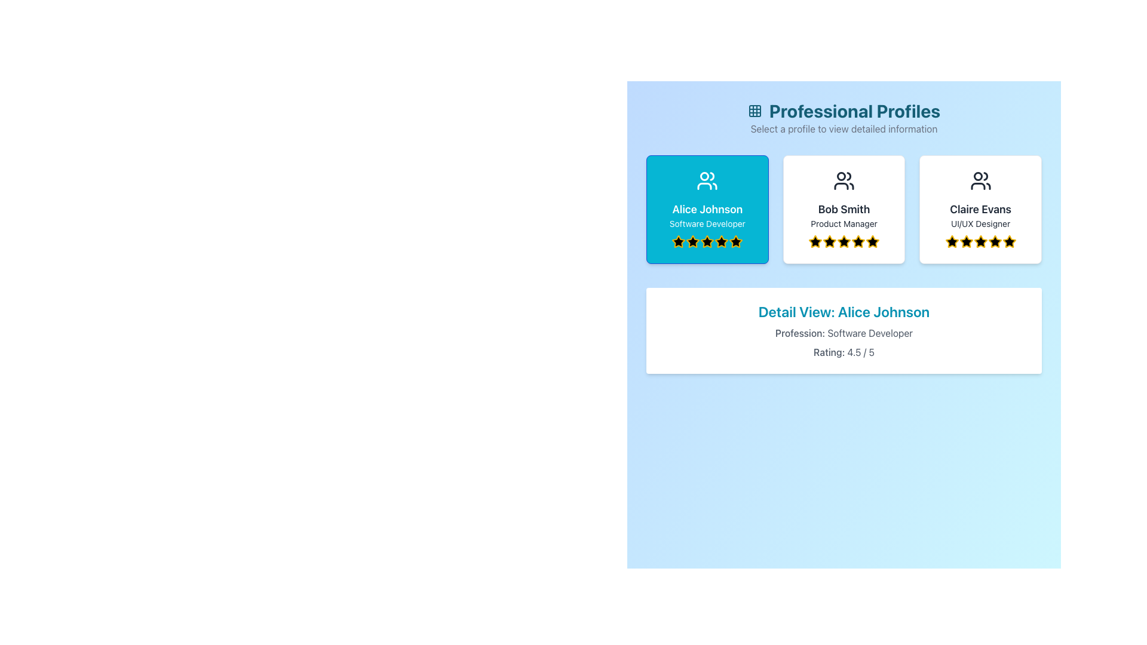  I want to click on fourth star icon in the rating component, which is a black filled star with a yellow outline, located below the 'Bob Smith - Product Manager' card, so click(843, 242).